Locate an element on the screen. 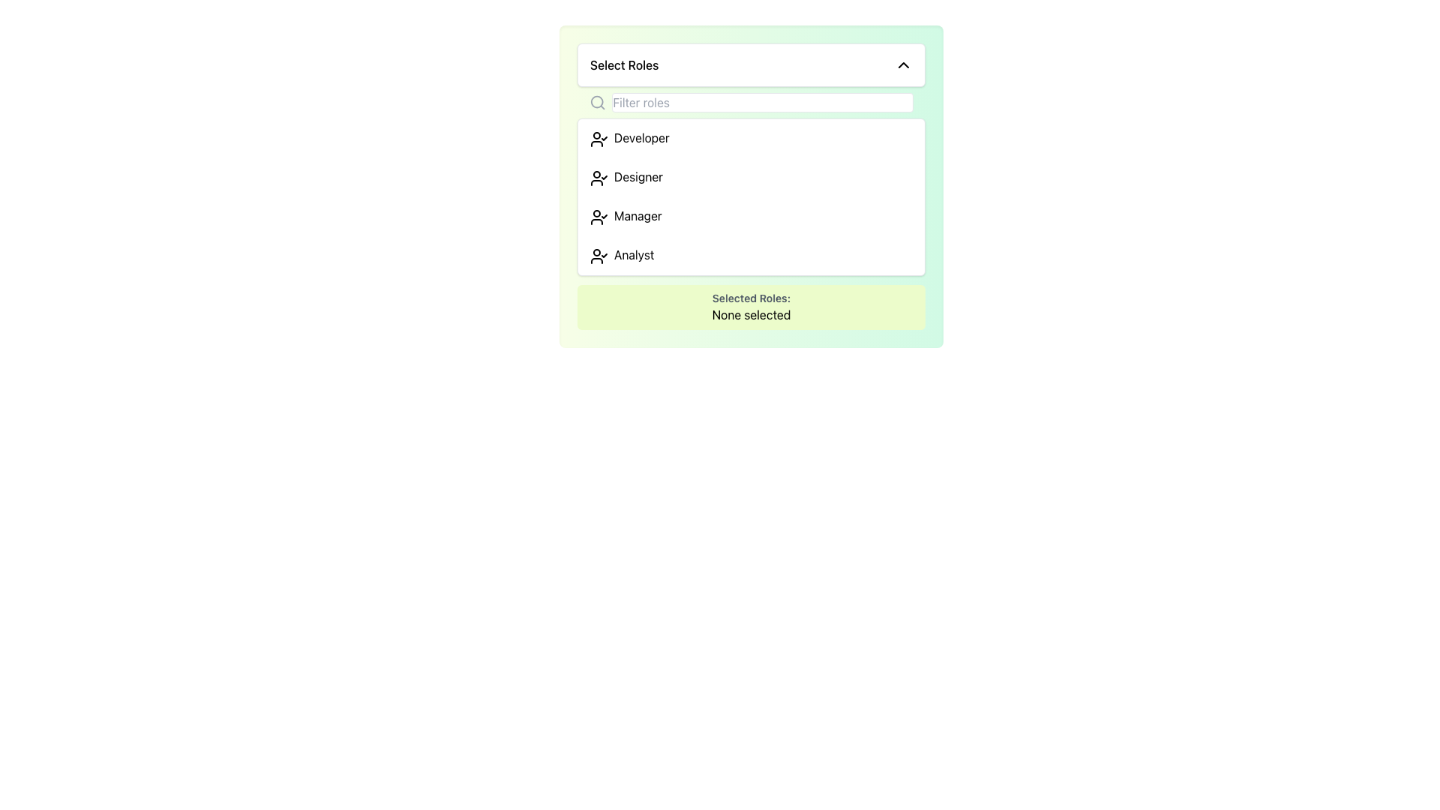 The image size is (1440, 810). the upward-pointing chevron icon located in the top-right corner of the 'Select Roles' button is located at coordinates (902, 64).